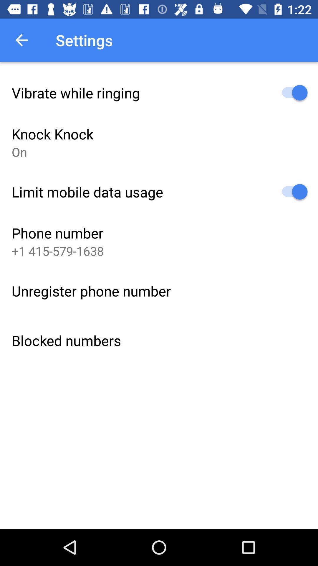  What do you see at coordinates (66, 340) in the screenshot?
I see `the blocked numbers item` at bounding box center [66, 340].